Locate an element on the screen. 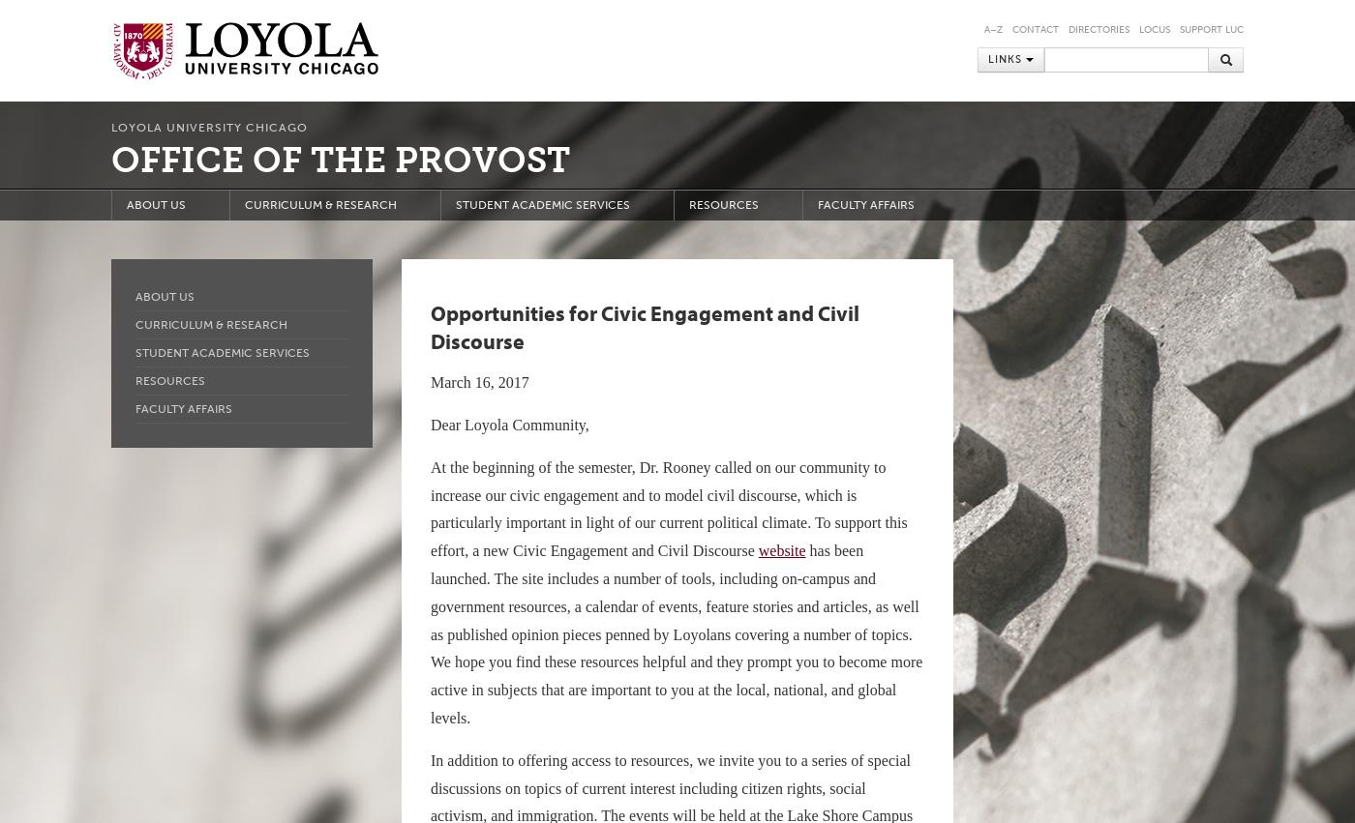  'Loyola University Chicago' is located at coordinates (209, 127).